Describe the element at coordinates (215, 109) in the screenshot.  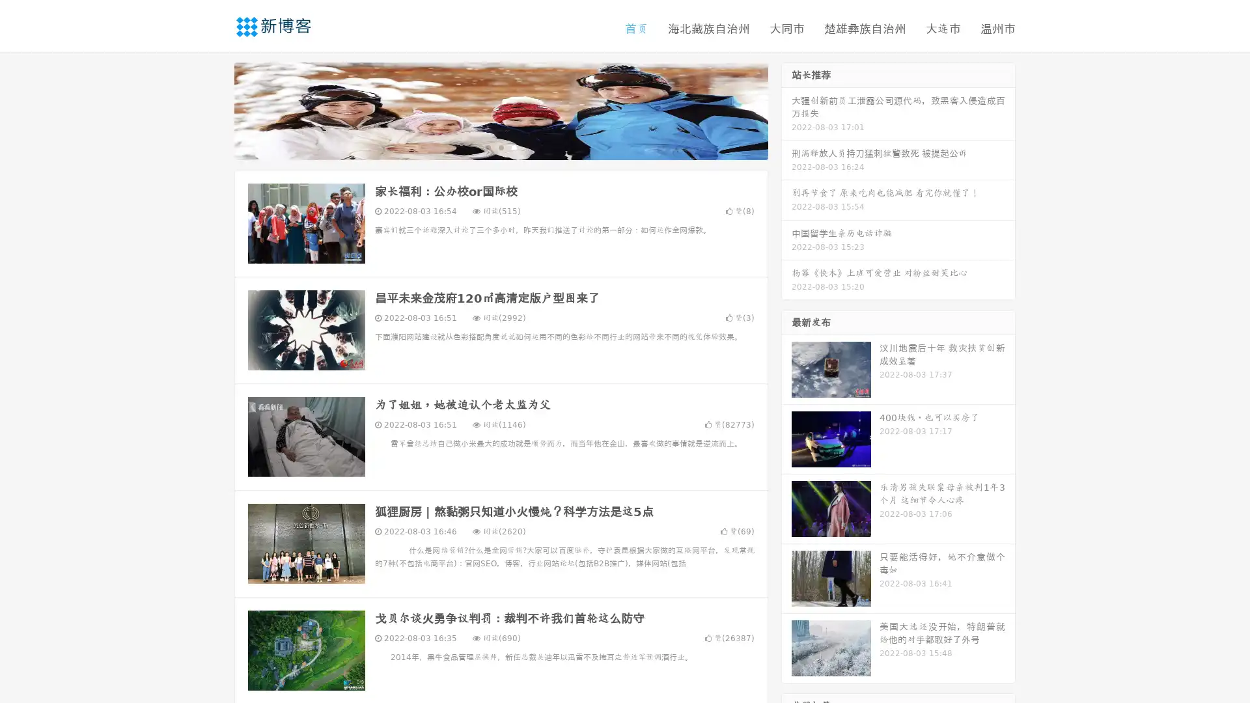
I see `Previous slide` at that location.